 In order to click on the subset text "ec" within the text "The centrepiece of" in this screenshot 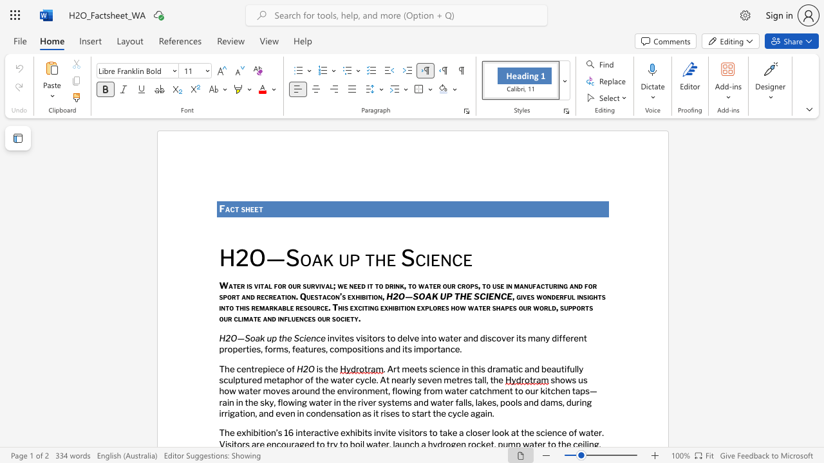, I will do `click(269, 368)`.